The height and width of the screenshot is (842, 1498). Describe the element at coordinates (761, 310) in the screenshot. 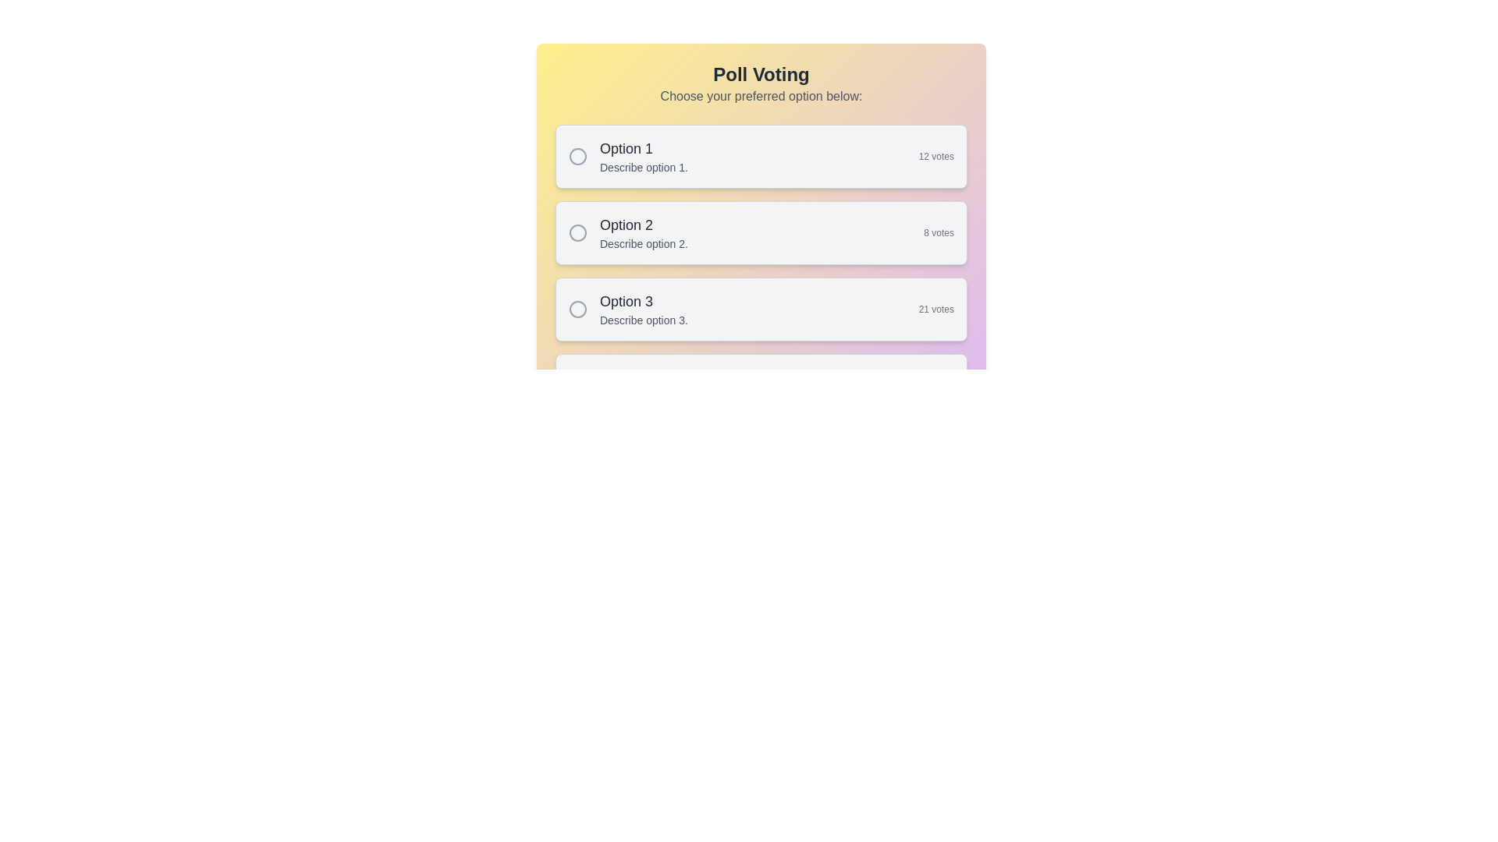

I see `the selectable option titled 'Option 3' with the description 'Describe option 3.' and a vote count of '21 votes'` at that location.